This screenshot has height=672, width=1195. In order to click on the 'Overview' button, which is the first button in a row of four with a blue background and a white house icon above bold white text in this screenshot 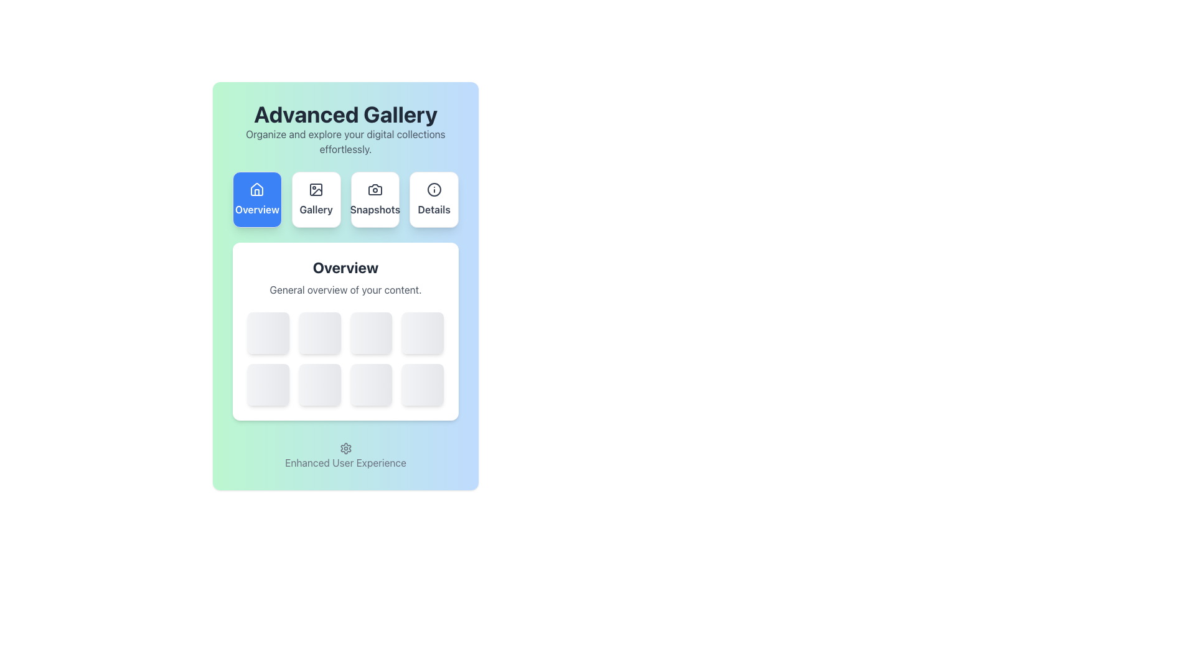, I will do `click(256, 198)`.